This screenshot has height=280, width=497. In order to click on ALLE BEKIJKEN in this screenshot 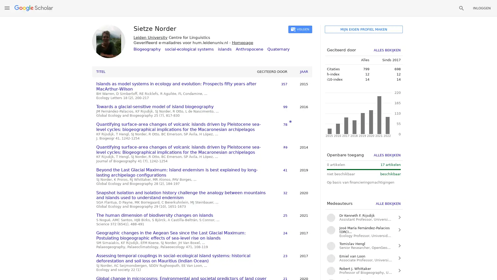, I will do `click(388, 203)`.